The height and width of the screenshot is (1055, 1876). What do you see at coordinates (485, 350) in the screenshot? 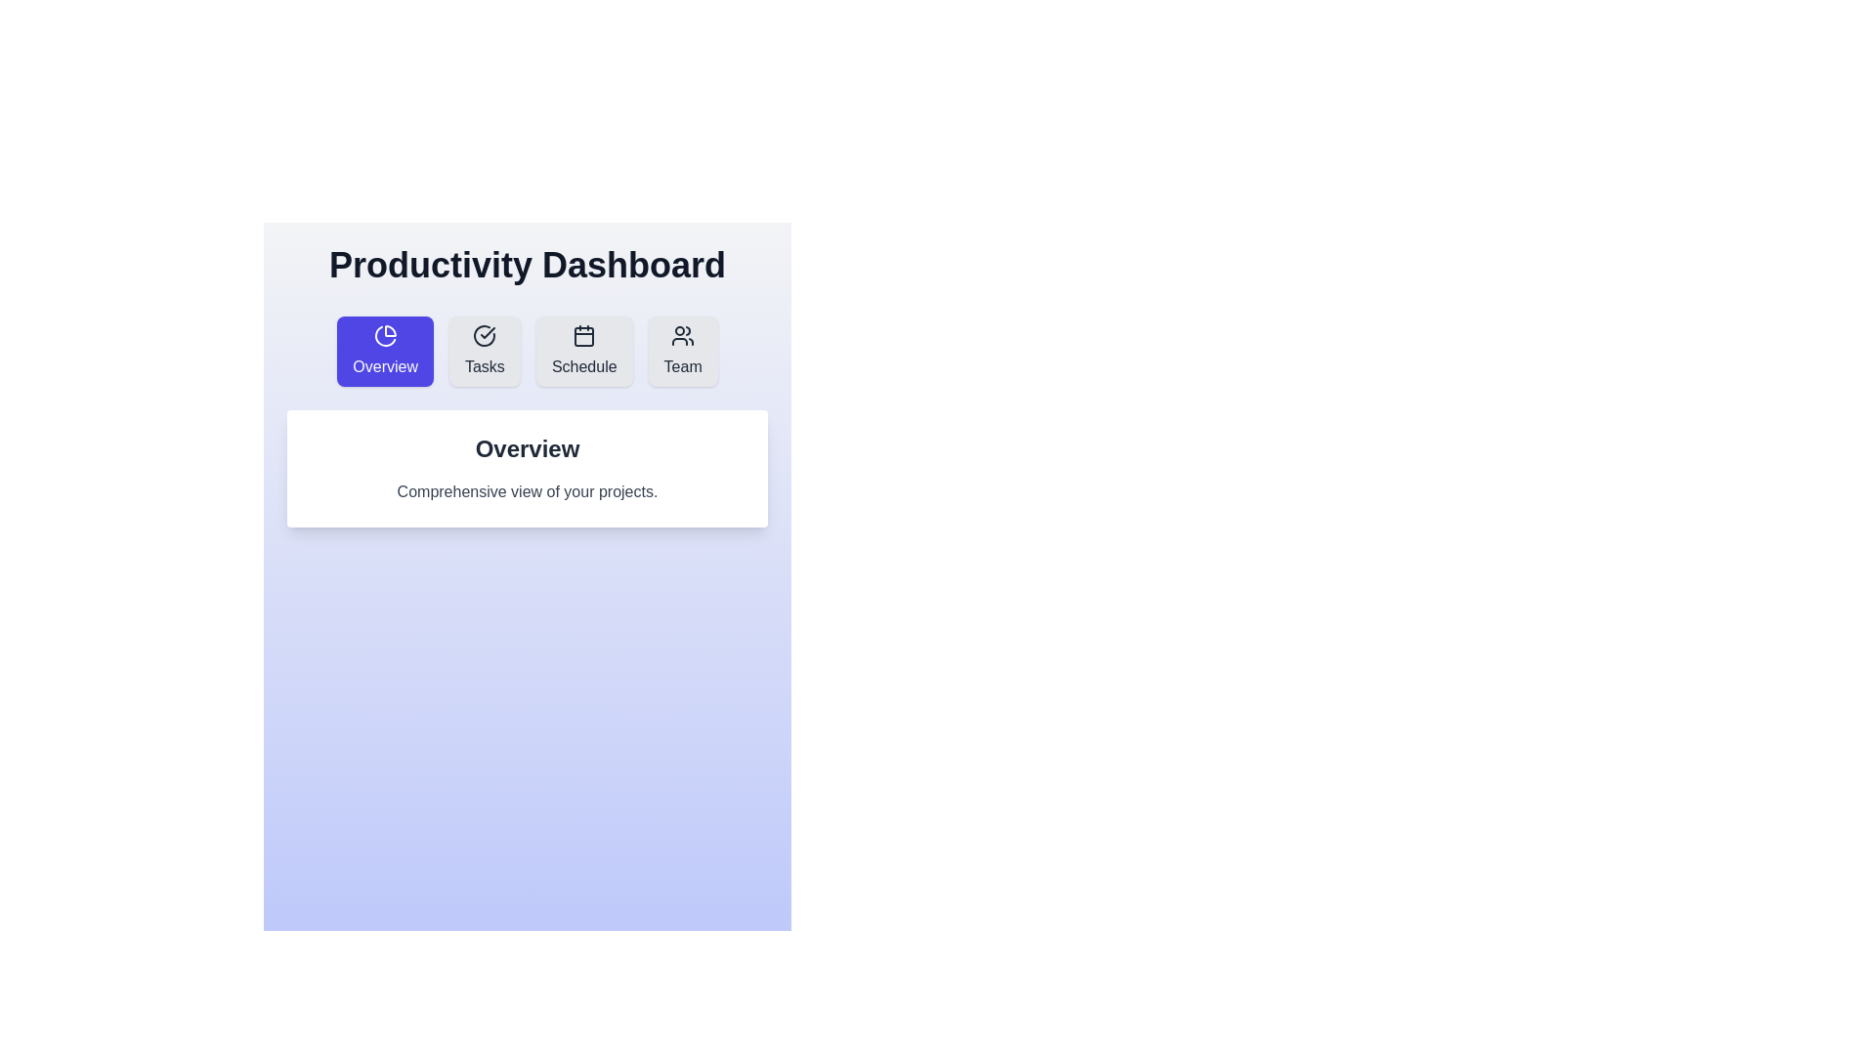
I see `the navigation button labeled 'Tasks' to observe the visual effect` at bounding box center [485, 350].